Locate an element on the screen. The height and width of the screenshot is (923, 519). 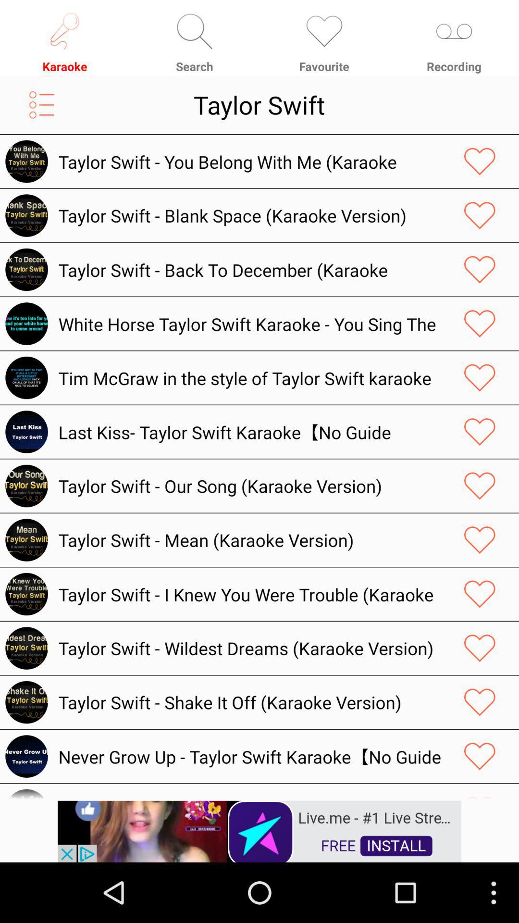
favourite is located at coordinates (480, 215).